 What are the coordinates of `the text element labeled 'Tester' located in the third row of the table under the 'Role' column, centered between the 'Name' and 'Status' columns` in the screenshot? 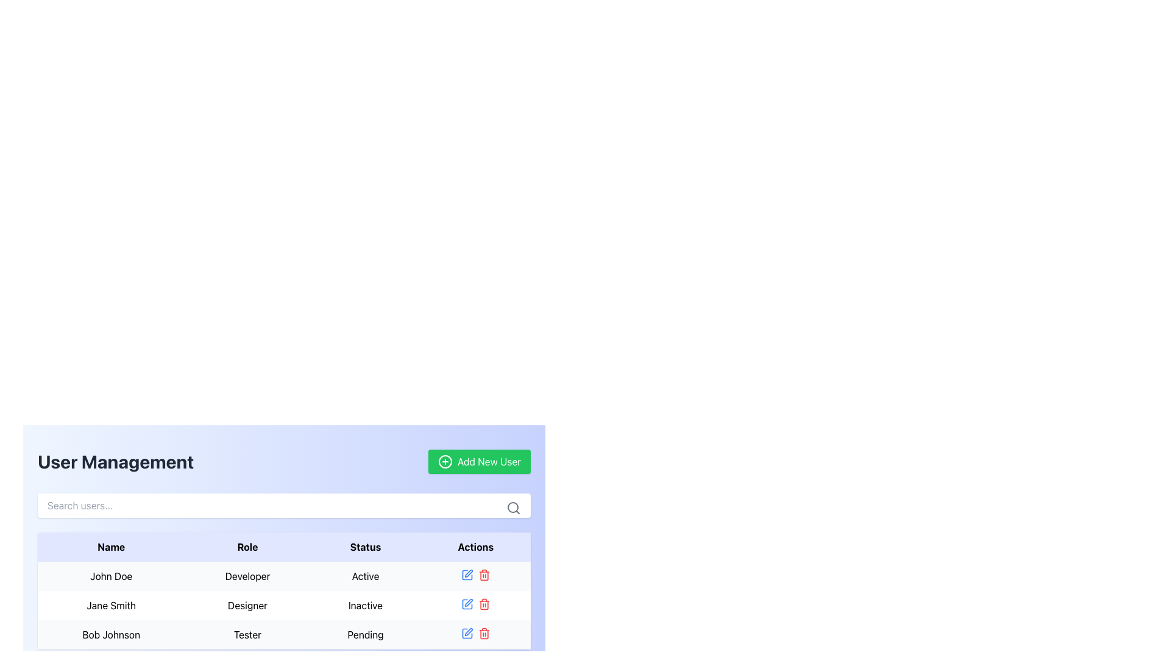 It's located at (247, 634).